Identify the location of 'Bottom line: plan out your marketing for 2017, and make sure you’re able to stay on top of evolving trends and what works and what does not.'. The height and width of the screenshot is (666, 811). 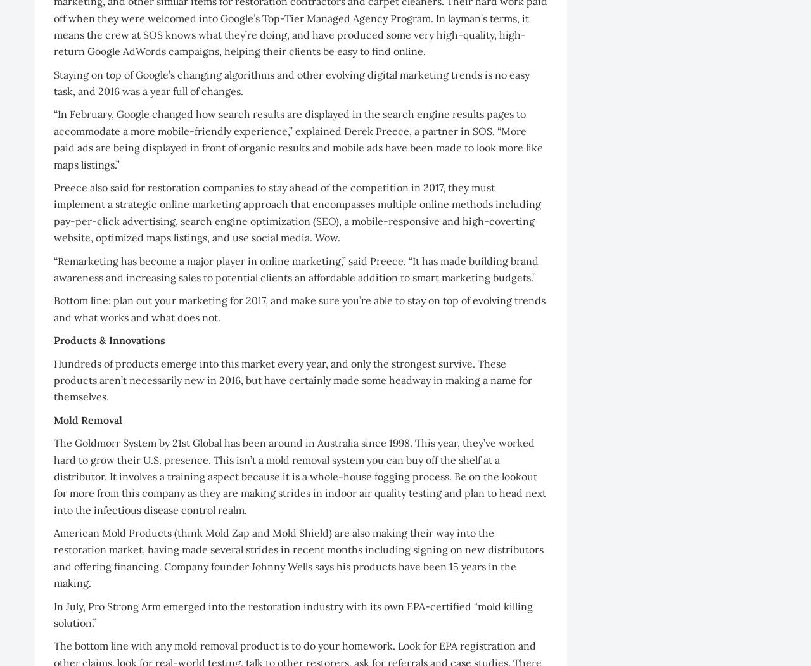
(298, 309).